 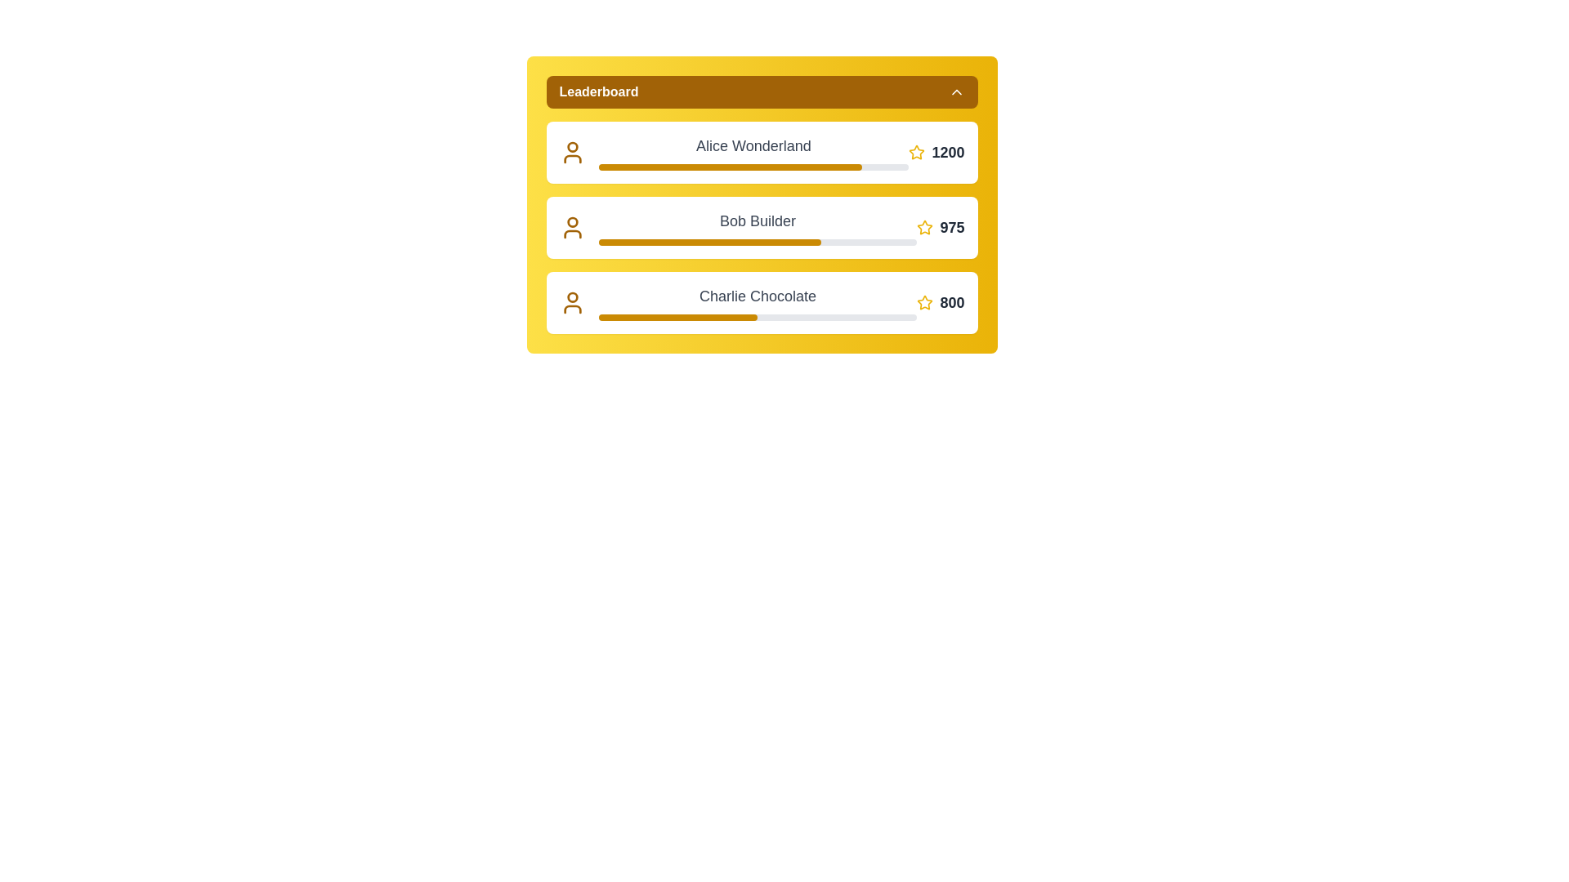 What do you see at coordinates (757, 302) in the screenshot?
I see `the text label displaying the name 'Charlie Chocolate' in the bottommost row of the leaderboard` at bounding box center [757, 302].